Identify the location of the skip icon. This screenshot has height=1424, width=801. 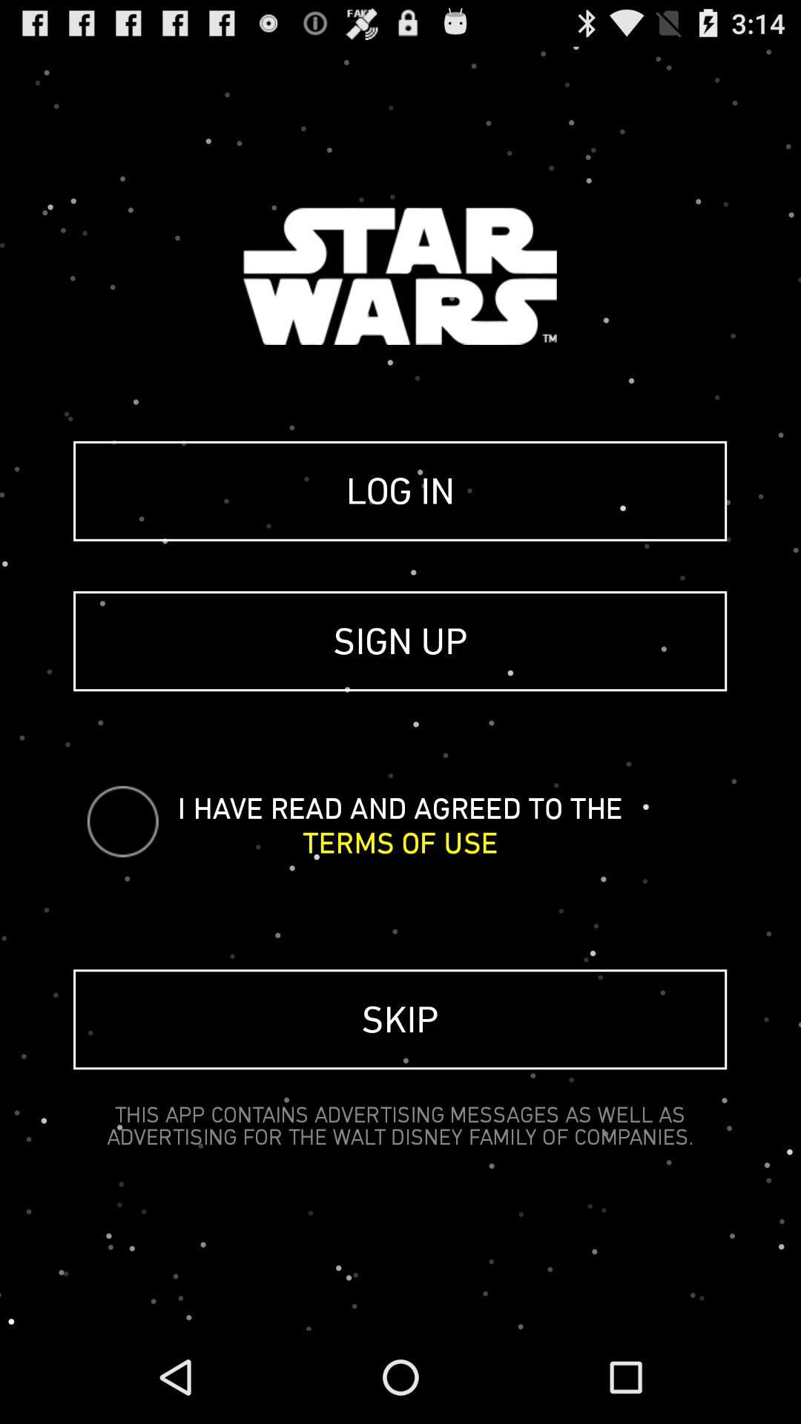
(399, 1018).